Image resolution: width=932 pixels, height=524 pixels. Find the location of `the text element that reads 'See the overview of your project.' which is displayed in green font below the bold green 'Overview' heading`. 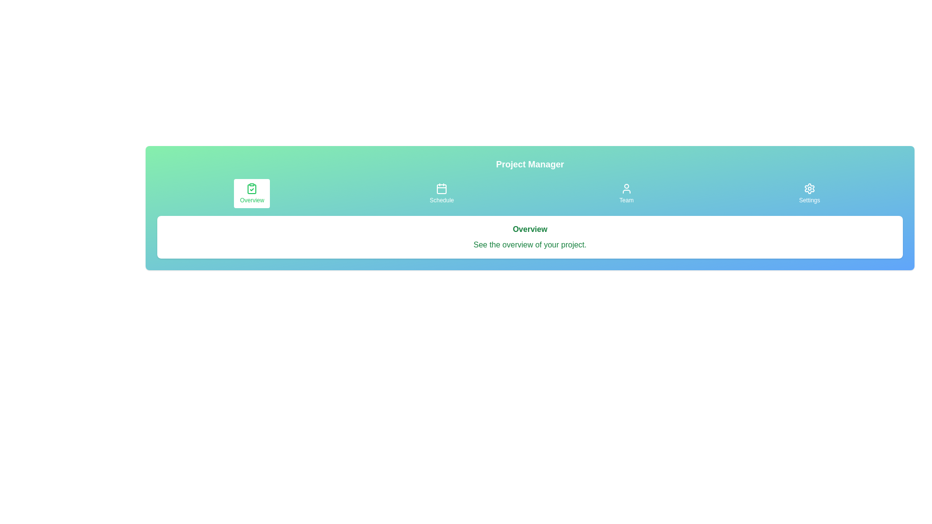

the text element that reads 'See the overview of your project.' which is displayed in green font below the bold green 'Overview' heading is located at coordinates (529, 245).